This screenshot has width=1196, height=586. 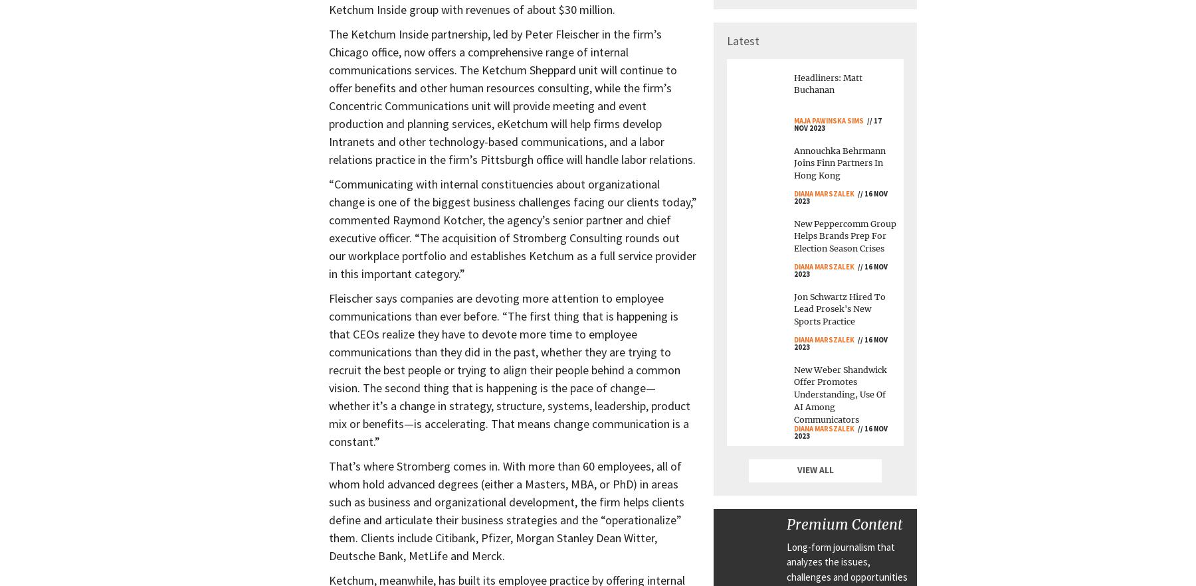 What do you see at coordinates (839, 308) in the screenshot?
I see `'Jon Schwartz Hired To Lead Prosek's New Sports Practice'` at bounding box center [839, 308].